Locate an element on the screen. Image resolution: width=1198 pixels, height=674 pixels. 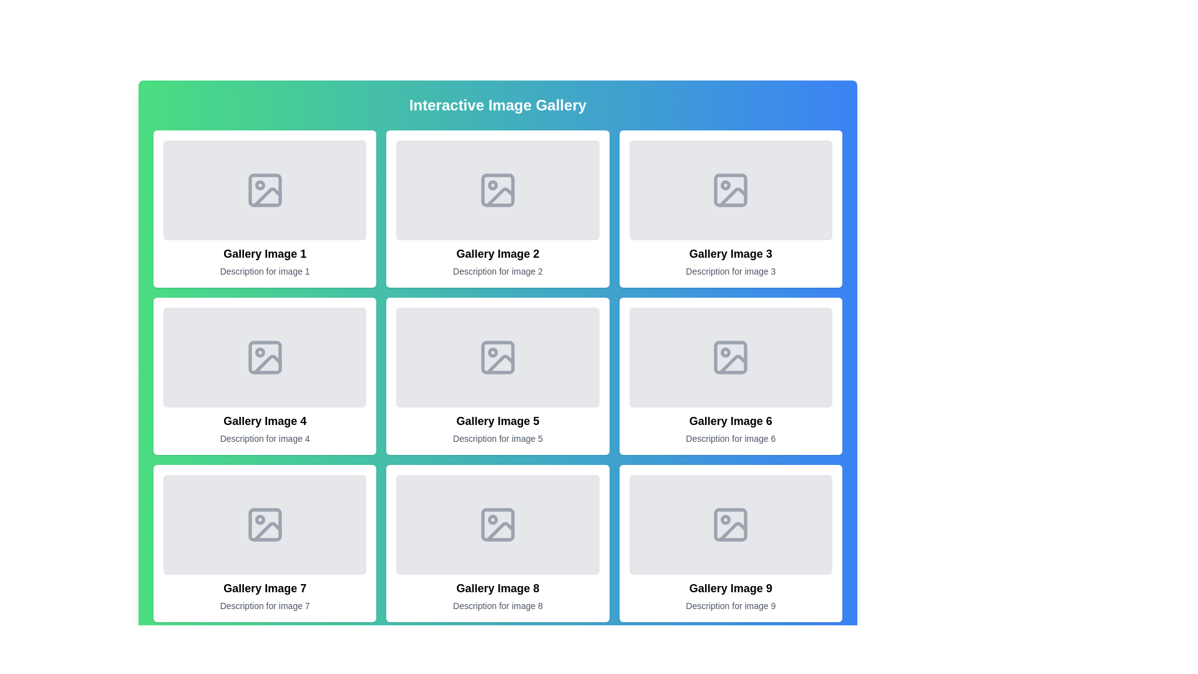
the Text label located in the third row and second column of the grid layout, which serves as a descriptive label for the associated image or gallery item above it, directly under 'Gallery Image 8' is located at coordinates (497, 605).